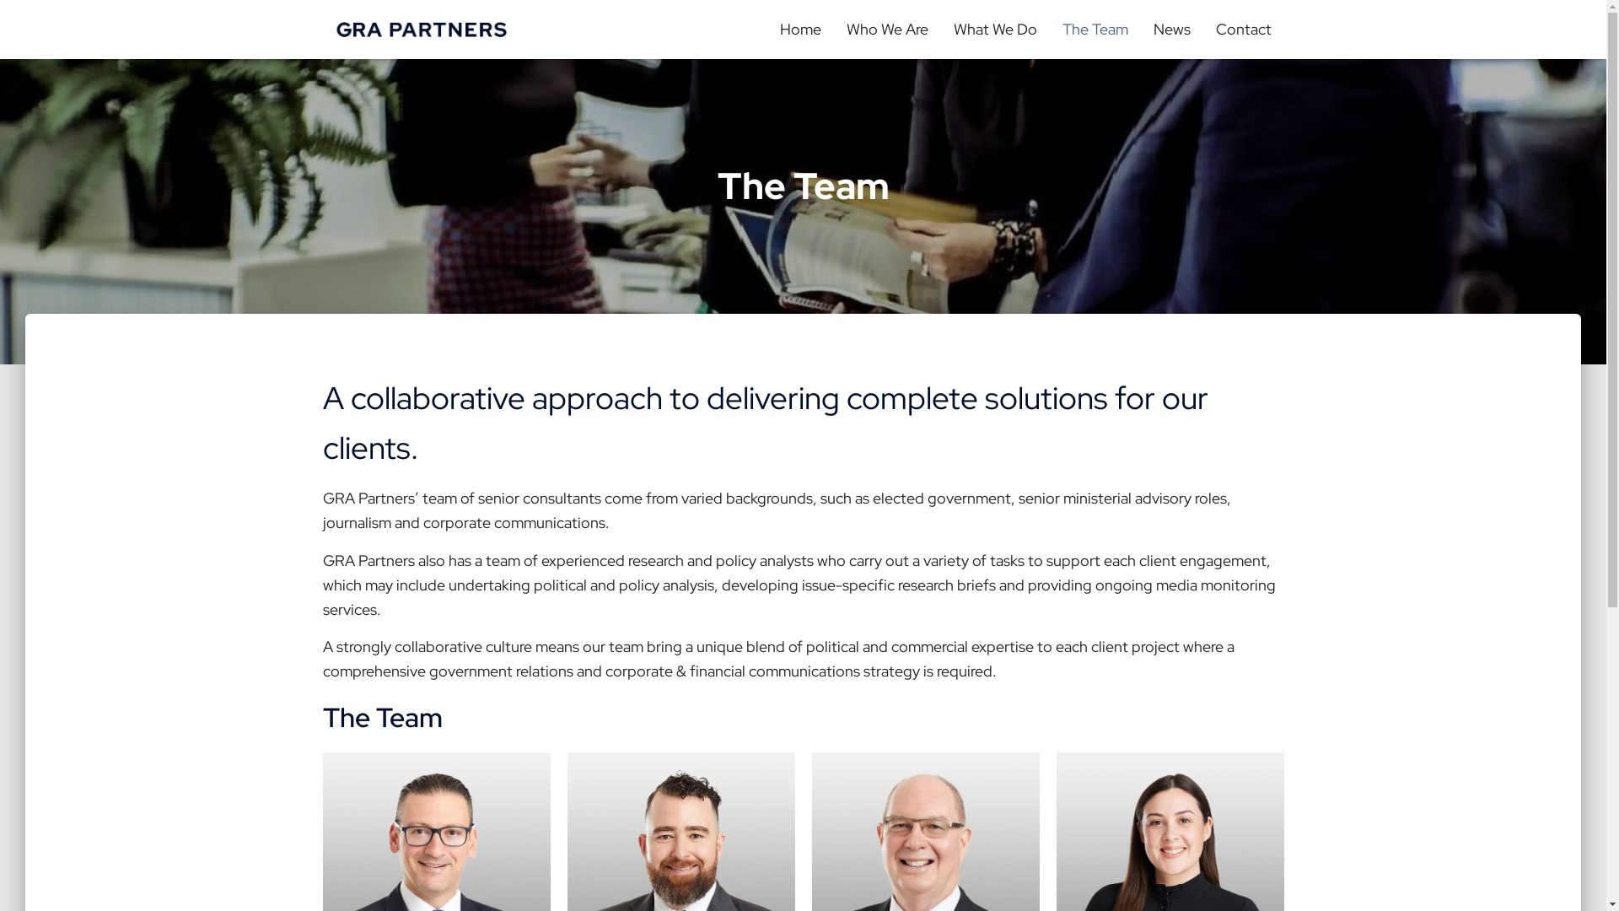 The width and height of the screenshot is (1619, 911). I want to click on 'GRA PARTNERS', so click(421, 29).